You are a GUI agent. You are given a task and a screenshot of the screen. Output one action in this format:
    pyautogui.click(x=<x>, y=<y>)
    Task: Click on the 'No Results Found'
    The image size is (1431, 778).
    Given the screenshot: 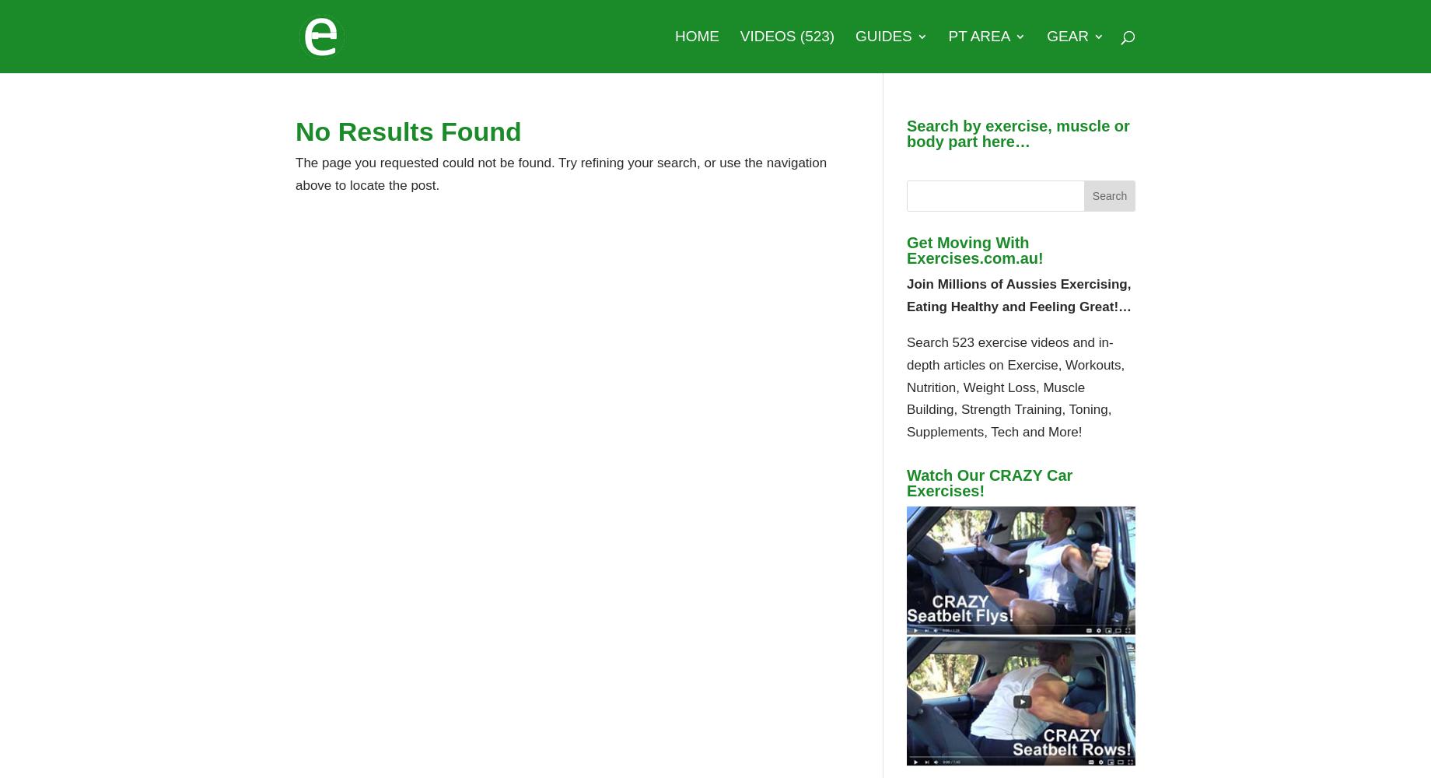 What is the action you would take?
    pyautogui.click(x=408, y=131)
    